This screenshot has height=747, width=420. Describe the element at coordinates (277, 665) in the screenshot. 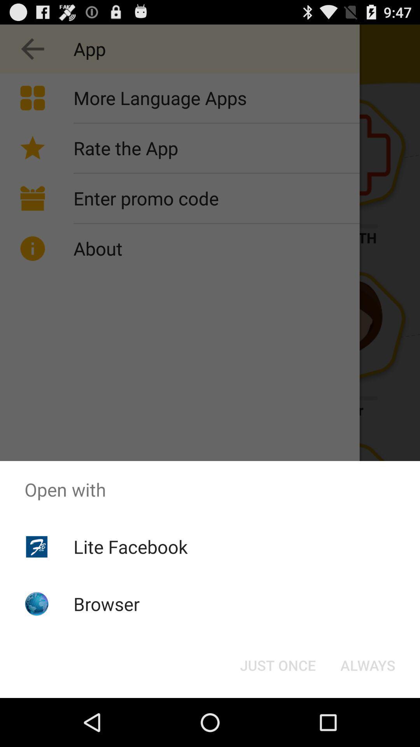

I see `the icon below the open with item` at that location.